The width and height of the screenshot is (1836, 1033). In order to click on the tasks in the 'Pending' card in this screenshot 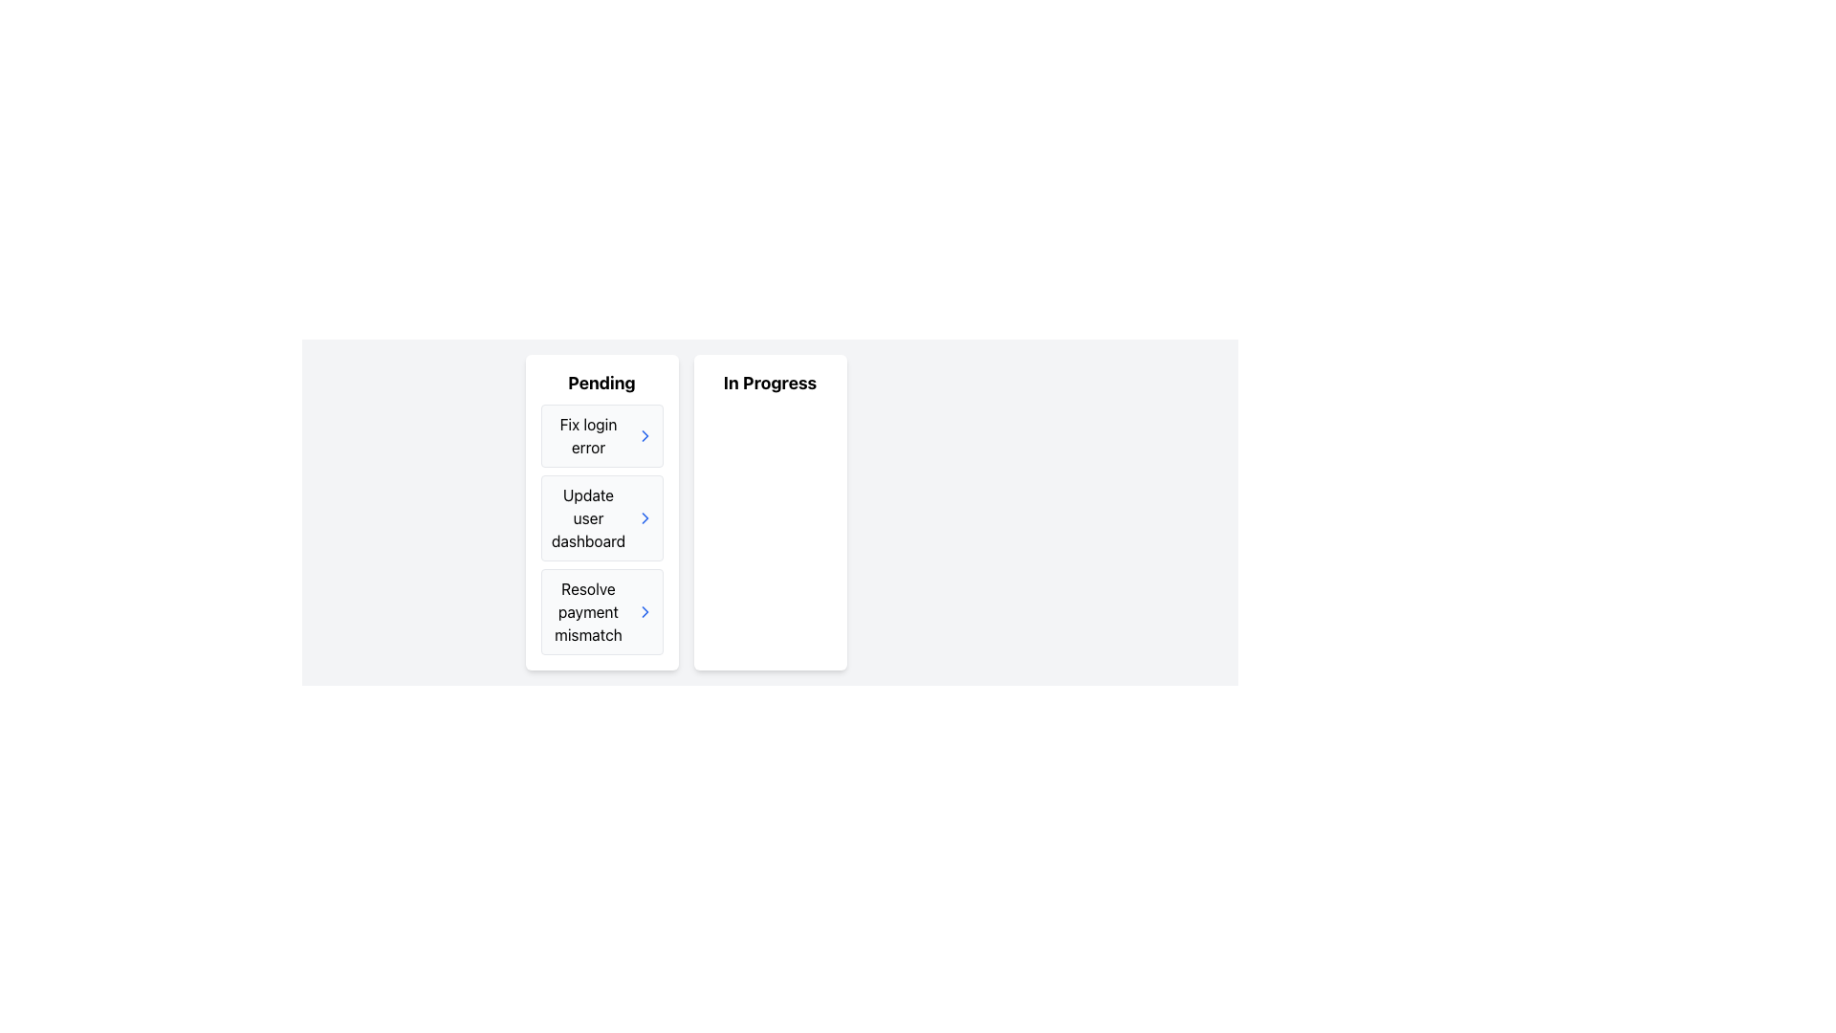, I will do `click(601, 512)`.